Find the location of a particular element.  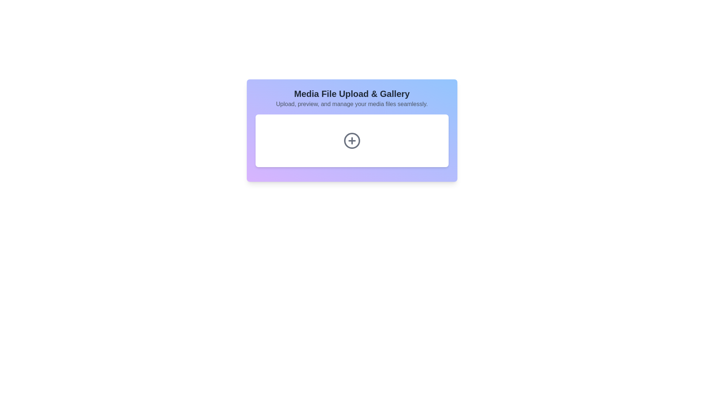

the outer circular component of the plus icon associated with the 'Media File Upload & Gallery' section is located at coordinates (352, 141).